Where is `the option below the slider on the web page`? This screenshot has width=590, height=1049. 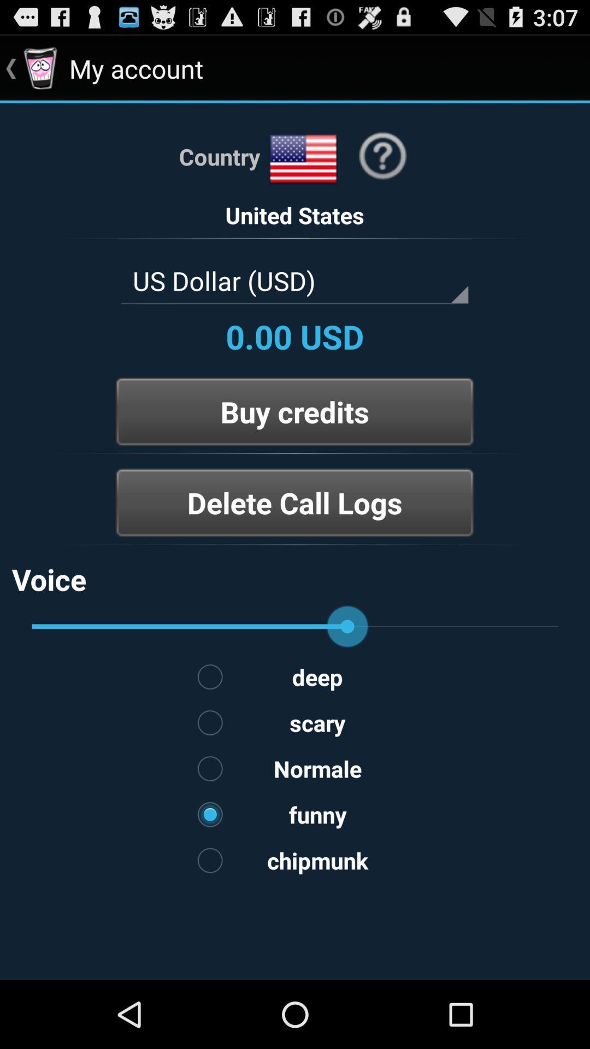
the option below the slider on the web page is located at coordinates (295, 676).